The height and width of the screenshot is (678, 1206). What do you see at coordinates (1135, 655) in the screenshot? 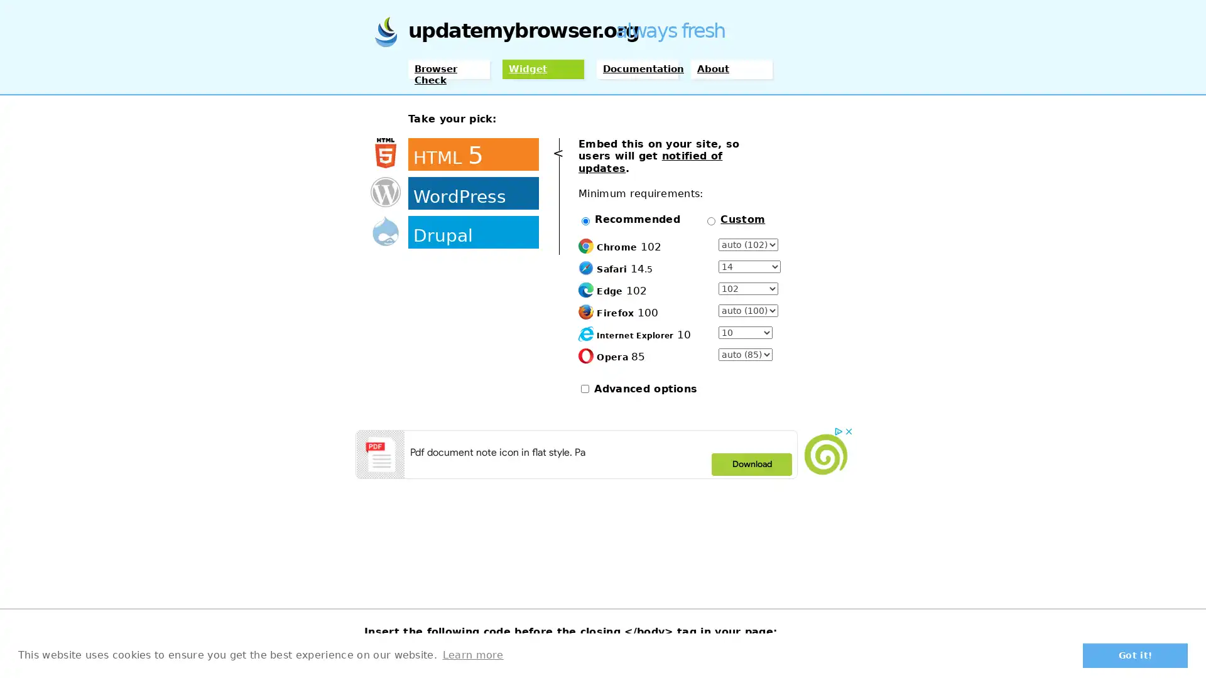
I see `dismiss cookie message` at bounding box center [1135, 655].